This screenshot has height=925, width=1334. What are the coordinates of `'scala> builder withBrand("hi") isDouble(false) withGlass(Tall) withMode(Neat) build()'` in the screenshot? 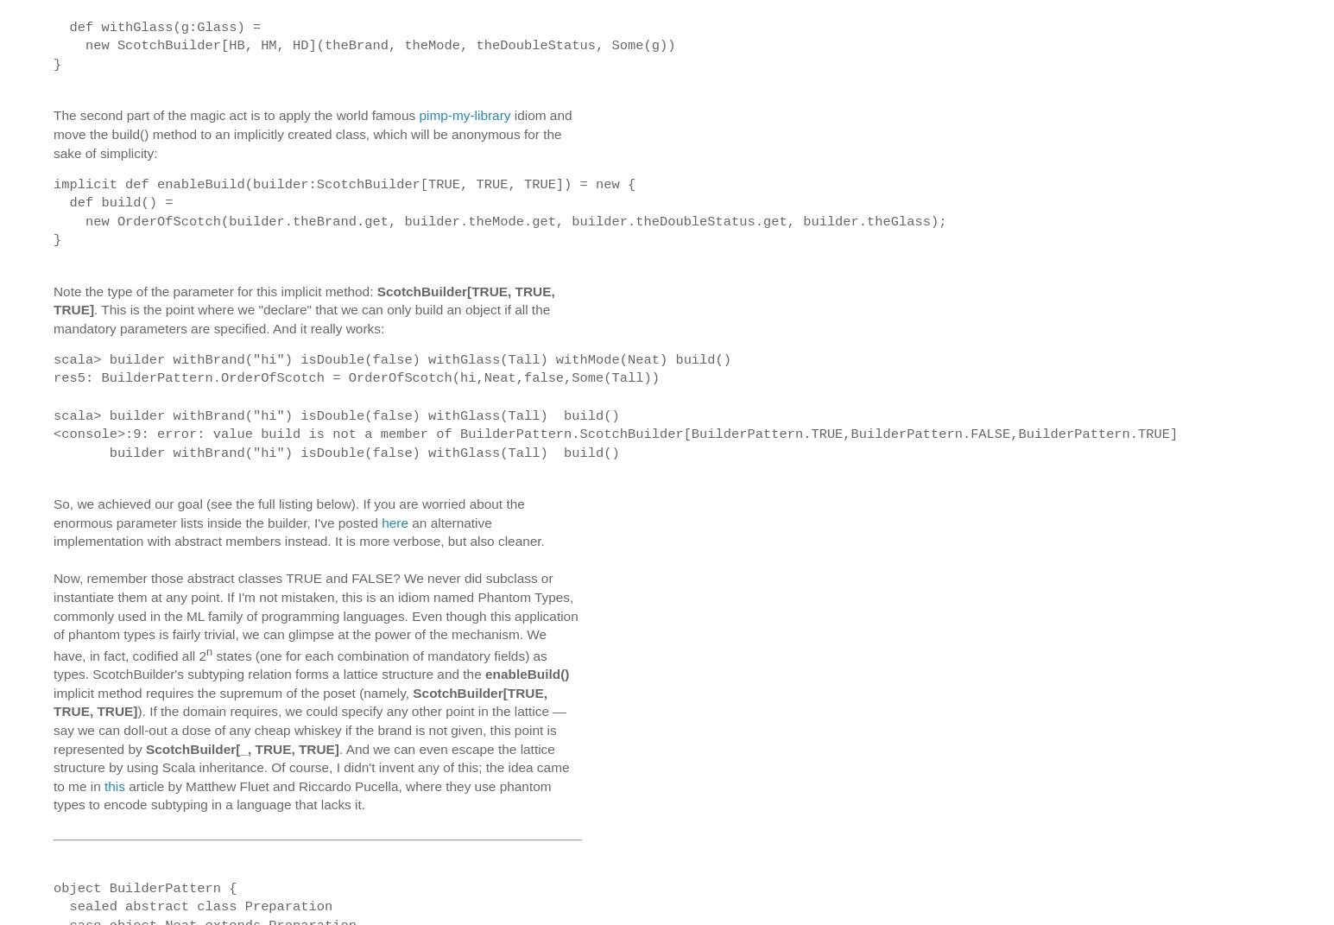 It's located at (391, 358).